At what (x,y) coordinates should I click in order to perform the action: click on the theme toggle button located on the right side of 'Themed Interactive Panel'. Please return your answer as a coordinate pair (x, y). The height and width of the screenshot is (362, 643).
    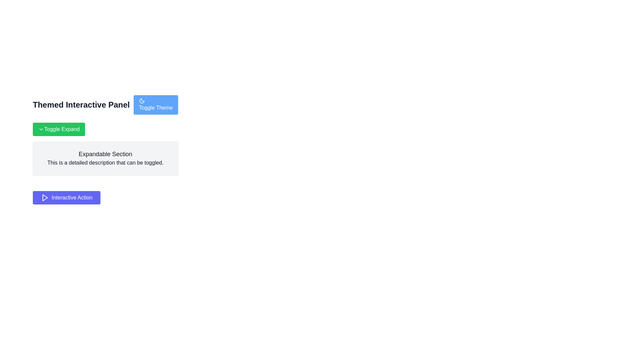
    Looking at the image, I should click on (155, 105).